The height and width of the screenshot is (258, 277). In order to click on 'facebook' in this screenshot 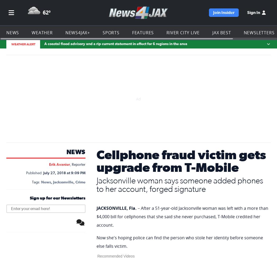, I will do `click(123, 225)`.